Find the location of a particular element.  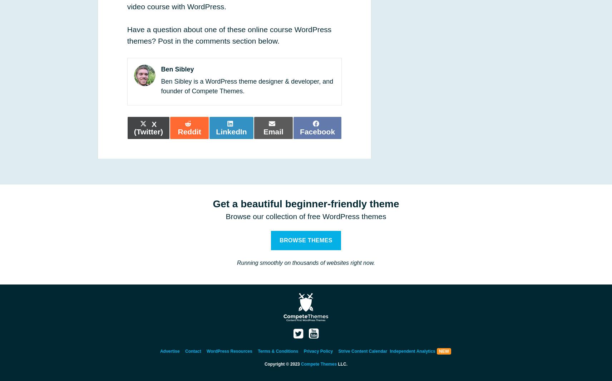

'Reddit' is located at coordinates (189, 132).